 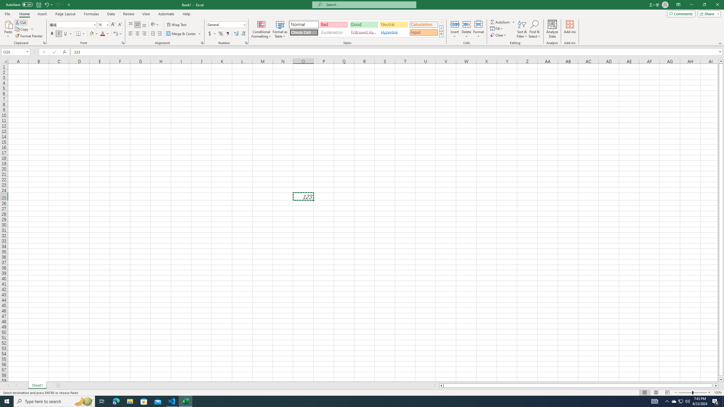 I want to click on 'Align Right', so click(x=144, y=33).